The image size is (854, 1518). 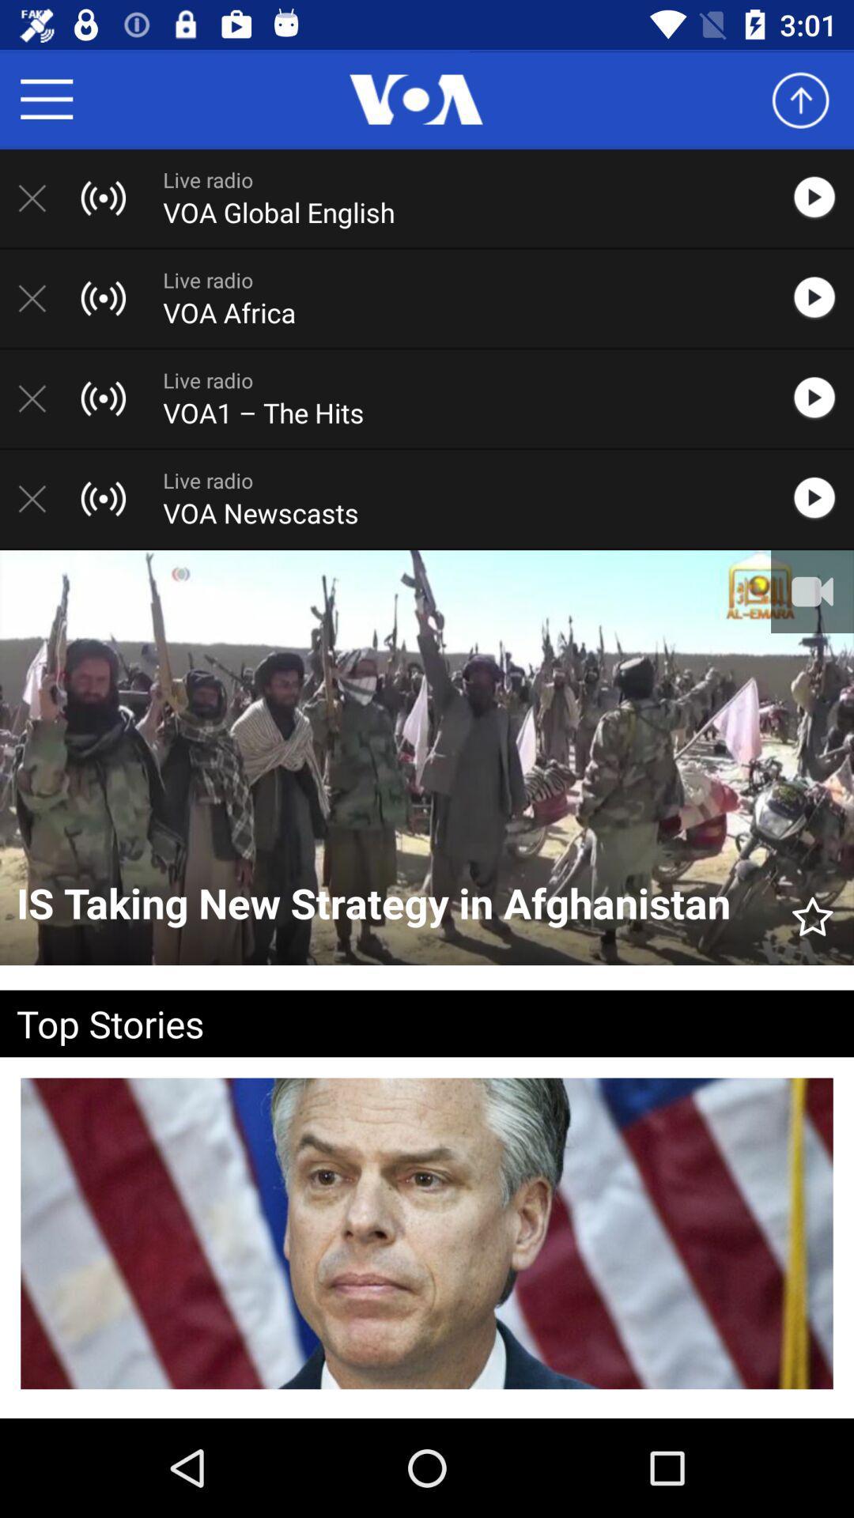 What do you see at coordinates (822, 197) in the screenshot?
I see `the play icon` at bounding box center [822, 197].